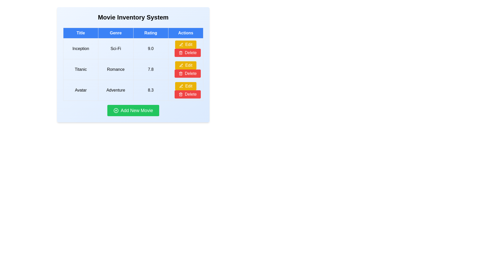 The height and width of the screenshot is (277, 493). I want to click on the label indicating the genre of the movie in the second column of the first row of the table, which is adjacent to 'Inception' on the left and '9.0' on the right, so click(115, 48).